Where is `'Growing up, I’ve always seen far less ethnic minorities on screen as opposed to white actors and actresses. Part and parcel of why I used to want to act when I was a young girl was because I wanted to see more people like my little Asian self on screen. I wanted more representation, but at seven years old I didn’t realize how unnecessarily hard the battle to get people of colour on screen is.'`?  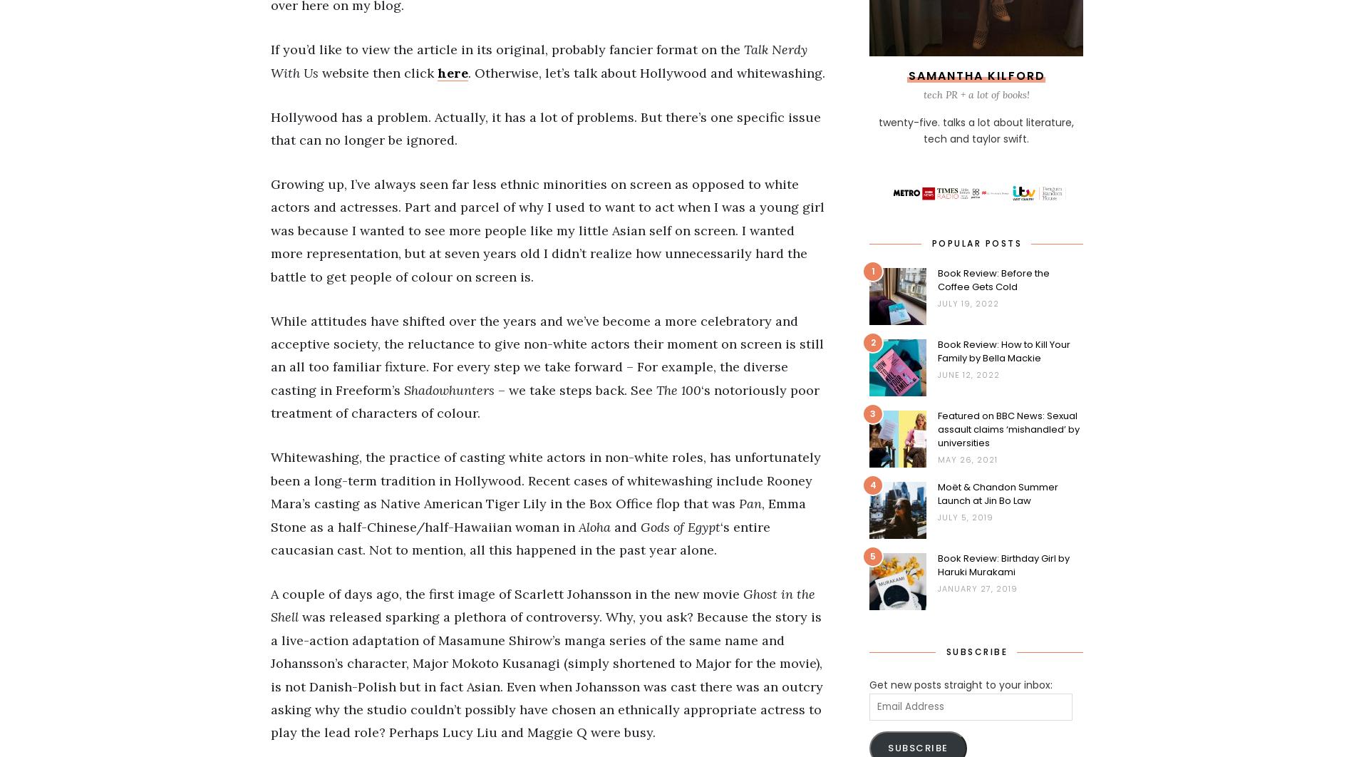
'Growing up, I’ve always seen far less ethnic minorities on screen as opposed to white actors and actresses. Part and parcel of why I used to want to act when I was a young girl was because I wanted to see more people like my little Asian self on screen. I wanted more representation, but at seven years old I didn’t realize how unnecessarily hard the battle to get people of colour on screen is.' is located at coordinates (270, 229).